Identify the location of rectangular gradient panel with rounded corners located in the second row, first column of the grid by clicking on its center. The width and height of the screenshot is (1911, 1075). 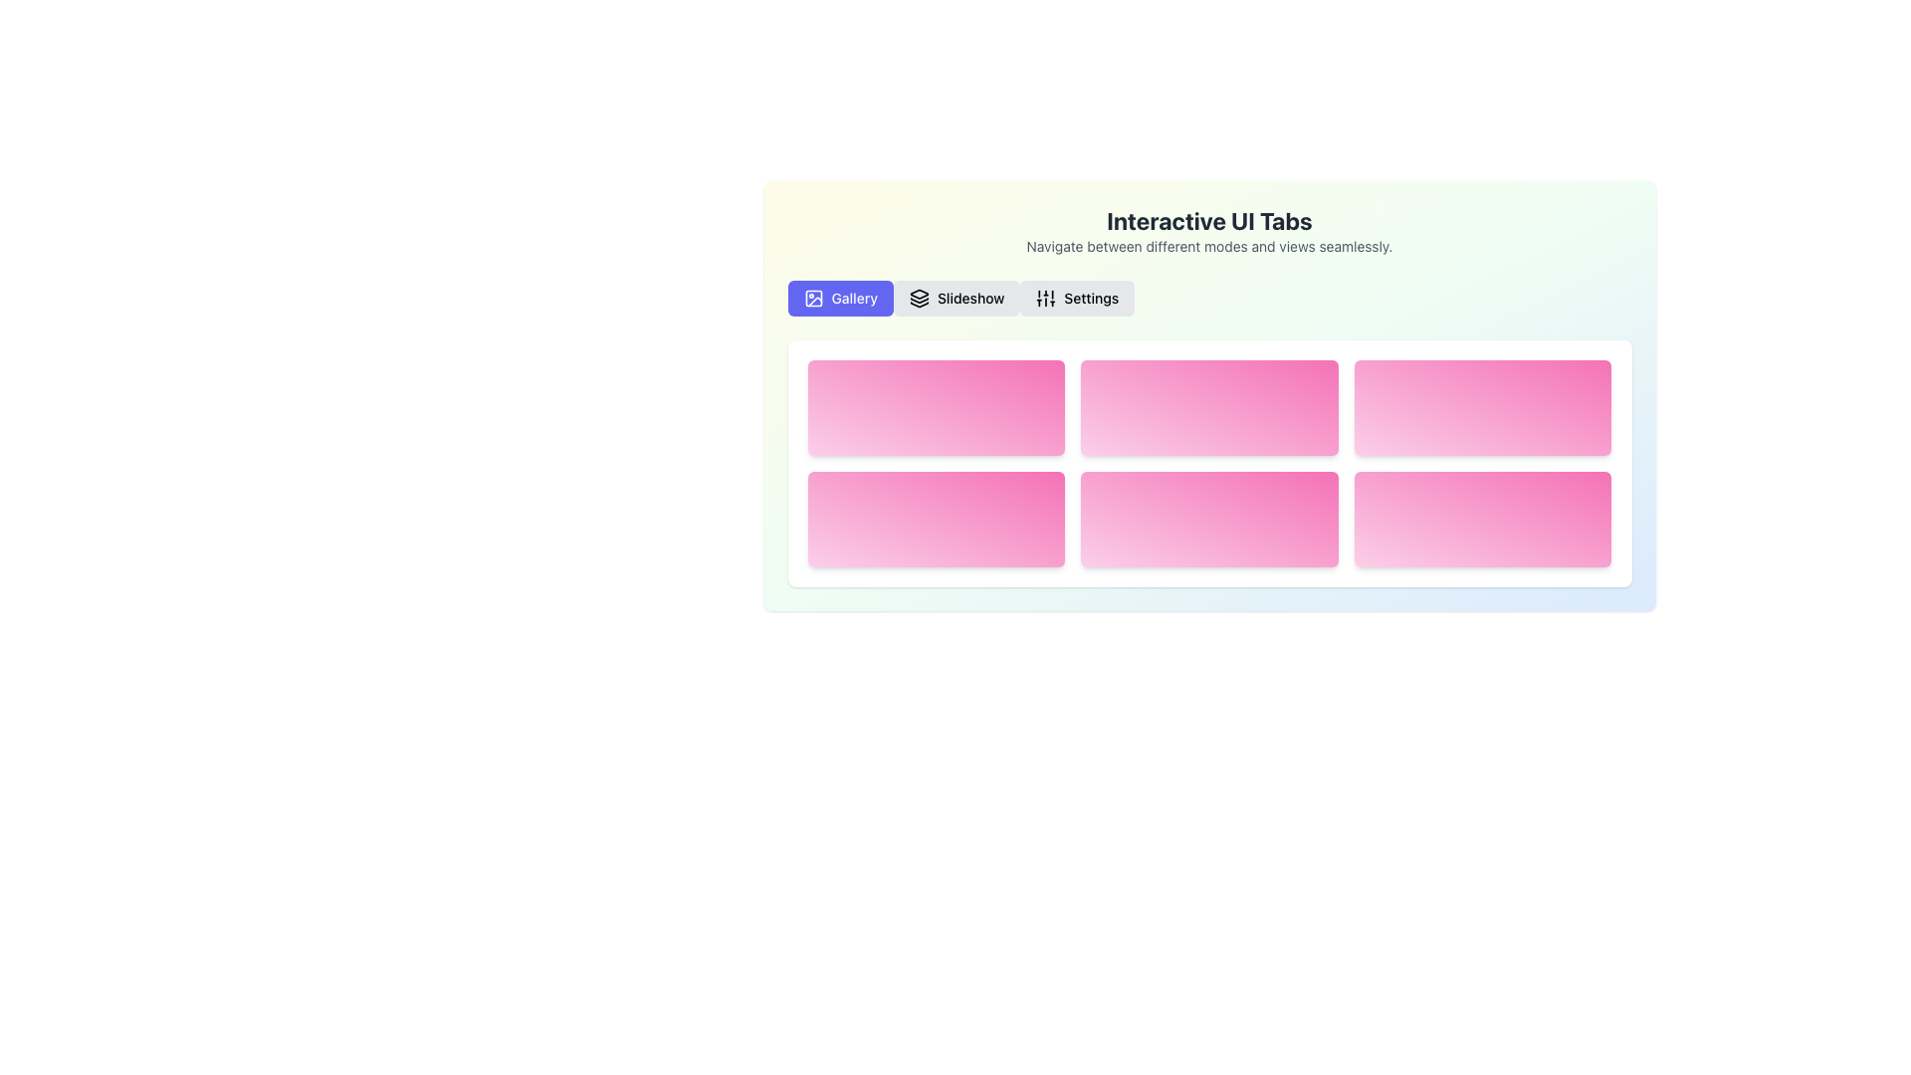
(935, 518).